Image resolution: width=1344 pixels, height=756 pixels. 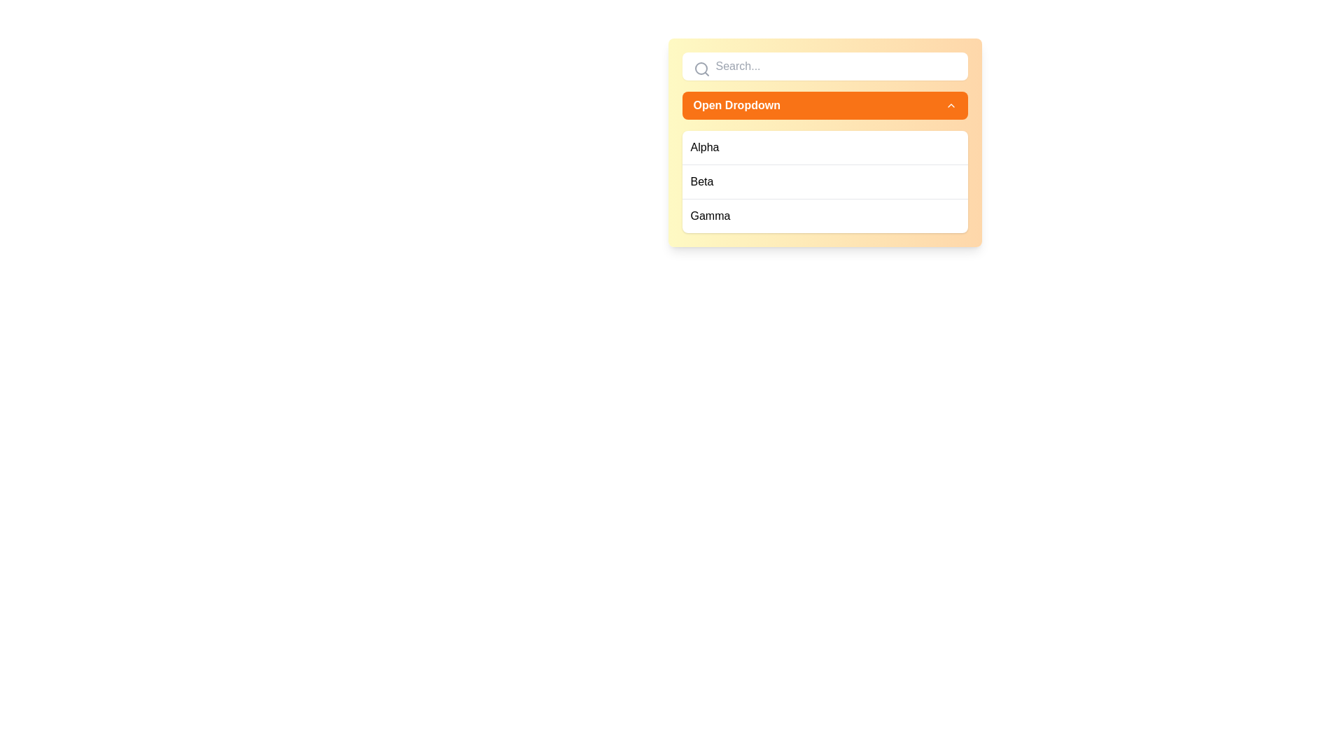 What do you see at coordinates (702, 181) in the screenshot?
I see `the second list item in the dropdown menu, located between 'Alpha' and 'Gamma'` at bounding box center [702, 181].